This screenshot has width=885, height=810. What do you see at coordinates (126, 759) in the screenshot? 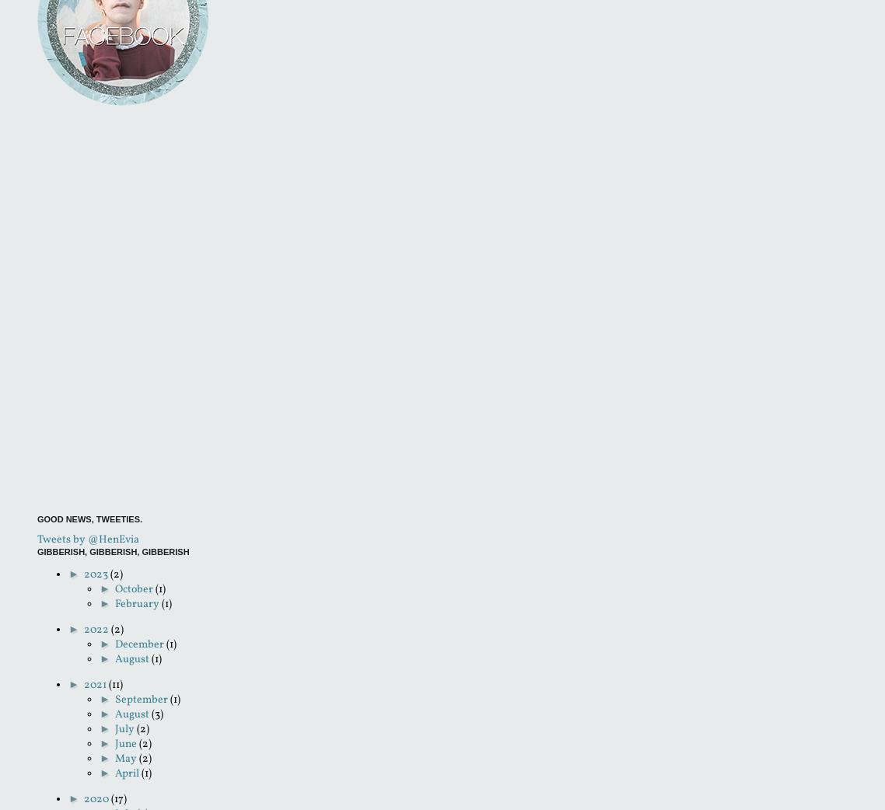
I see `'May'` at bounding box center [126, 759].